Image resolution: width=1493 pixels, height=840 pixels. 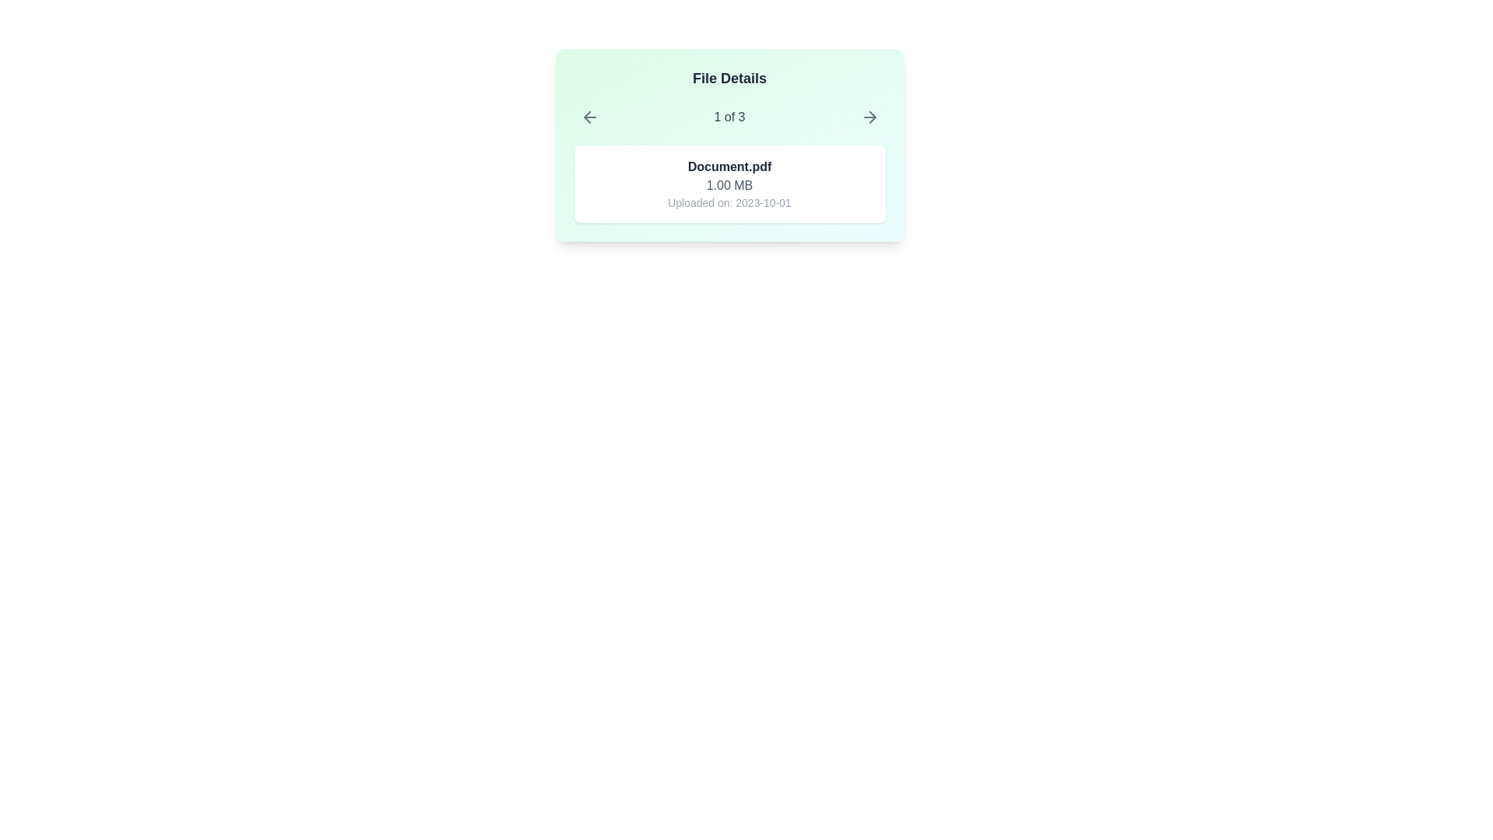 I want to click on the Text Label that serves as the heading for the section at the top of the card, so click(x=729, y=78).